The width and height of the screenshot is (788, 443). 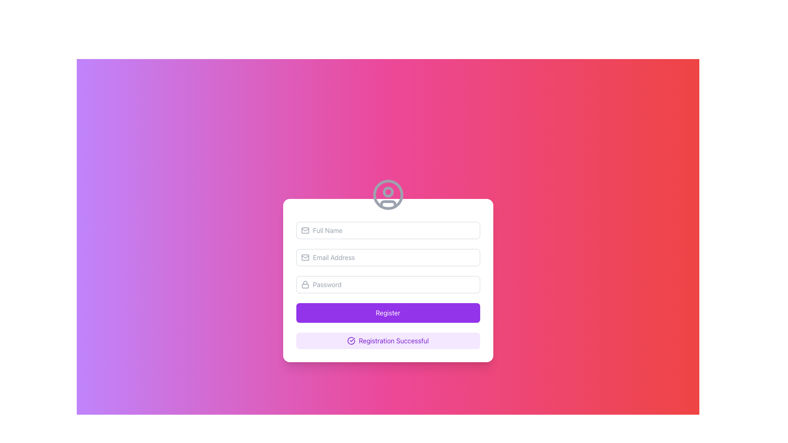 I want to click on the Text Label that displays 'Registration Successful' with a rounded rectangular light purple background and a checkmark icon, located at the bottom of the card, so click(x=387, y=340).